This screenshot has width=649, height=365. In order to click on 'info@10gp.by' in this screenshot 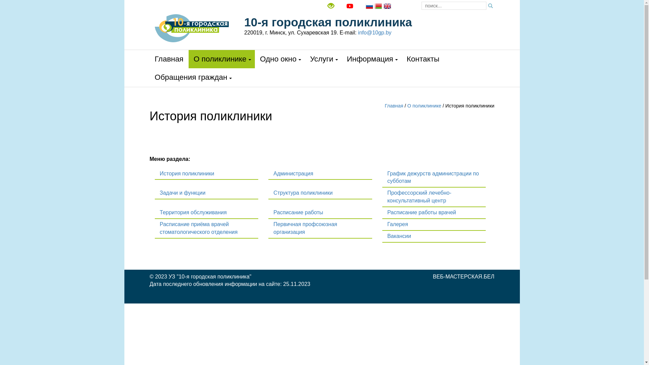, I will do `click(358, 32)`.